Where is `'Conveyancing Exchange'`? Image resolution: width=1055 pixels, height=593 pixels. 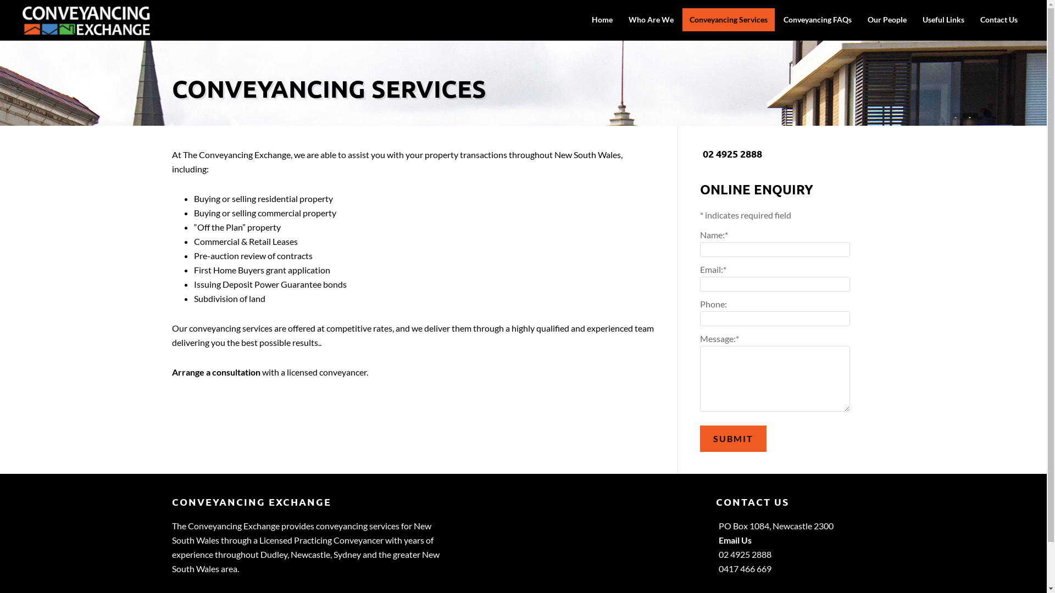 'Conveyancing Exchange' is located at coordinates (86, 28).